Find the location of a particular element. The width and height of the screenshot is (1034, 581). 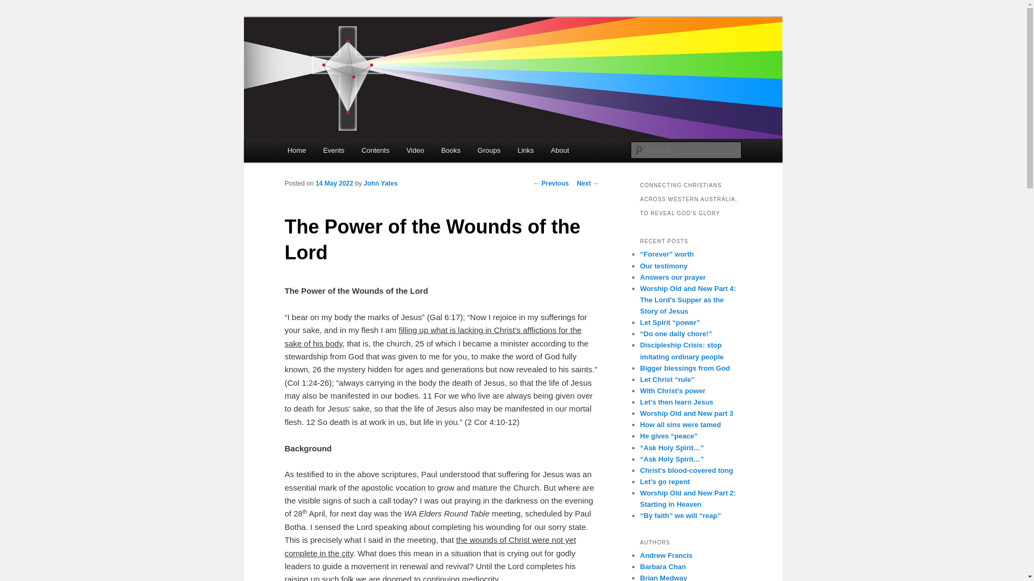

'Discipleship Crisis: stop imitating ordinary people' is located at coordinates (681, 350).